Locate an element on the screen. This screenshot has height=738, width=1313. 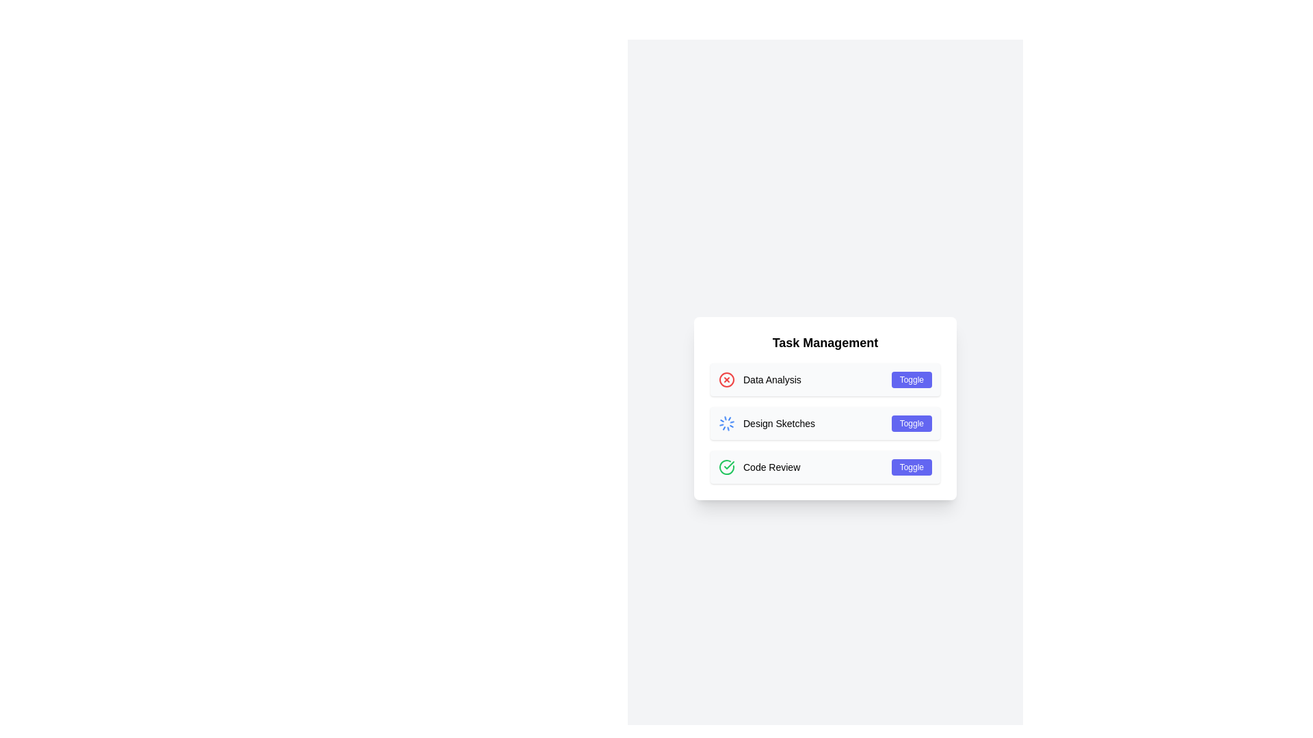
the prominent circular close/delete icon with a red border and 'X' shape, located is located at coordinates (726, 379).